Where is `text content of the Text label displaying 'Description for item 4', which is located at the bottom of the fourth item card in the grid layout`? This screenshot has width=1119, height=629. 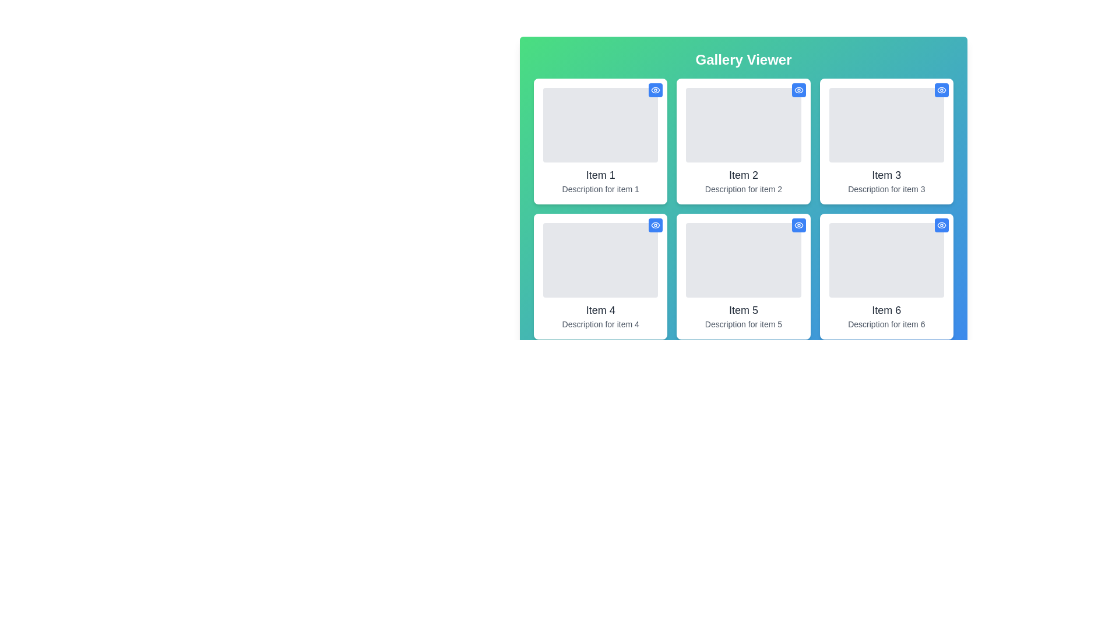
text content of the Text label displaying 'Description for item 4', which is located at the bottom of the fourth item card in the grid layout is located at coordinates (600, 324).